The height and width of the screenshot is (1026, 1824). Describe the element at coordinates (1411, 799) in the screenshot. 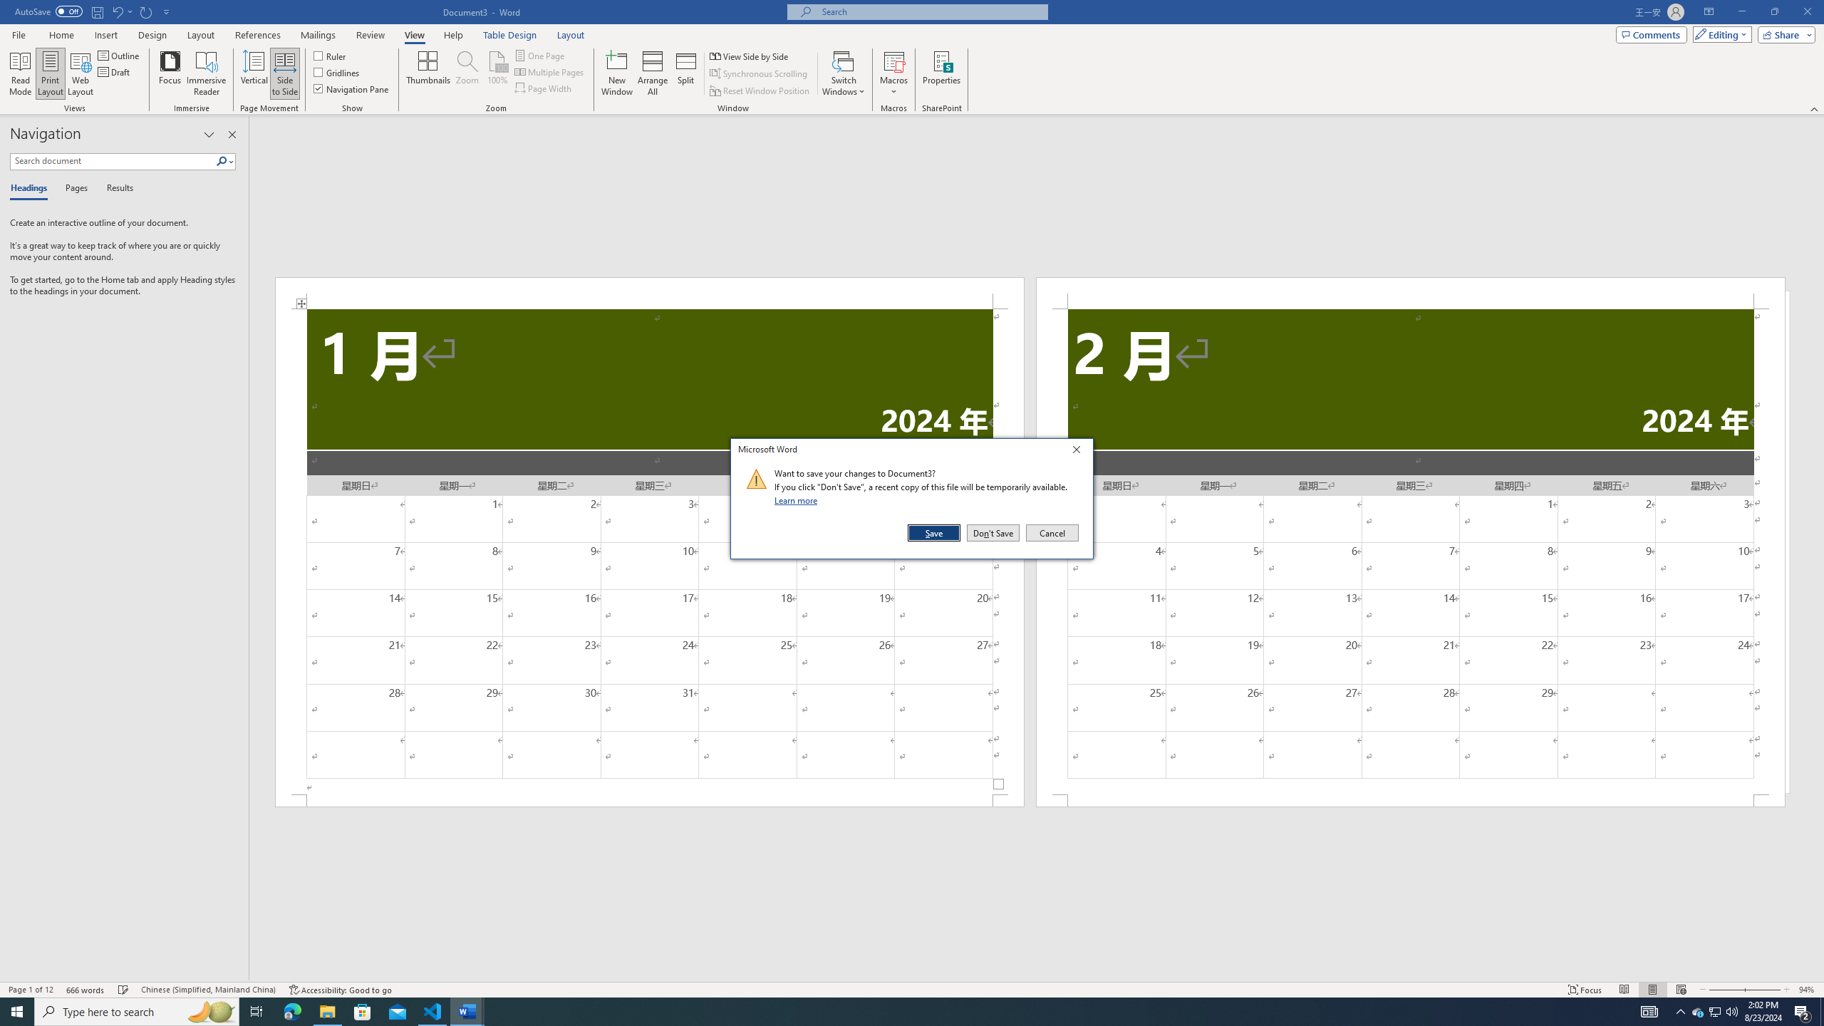

I see `'Footer -Section 2-'` at that location.